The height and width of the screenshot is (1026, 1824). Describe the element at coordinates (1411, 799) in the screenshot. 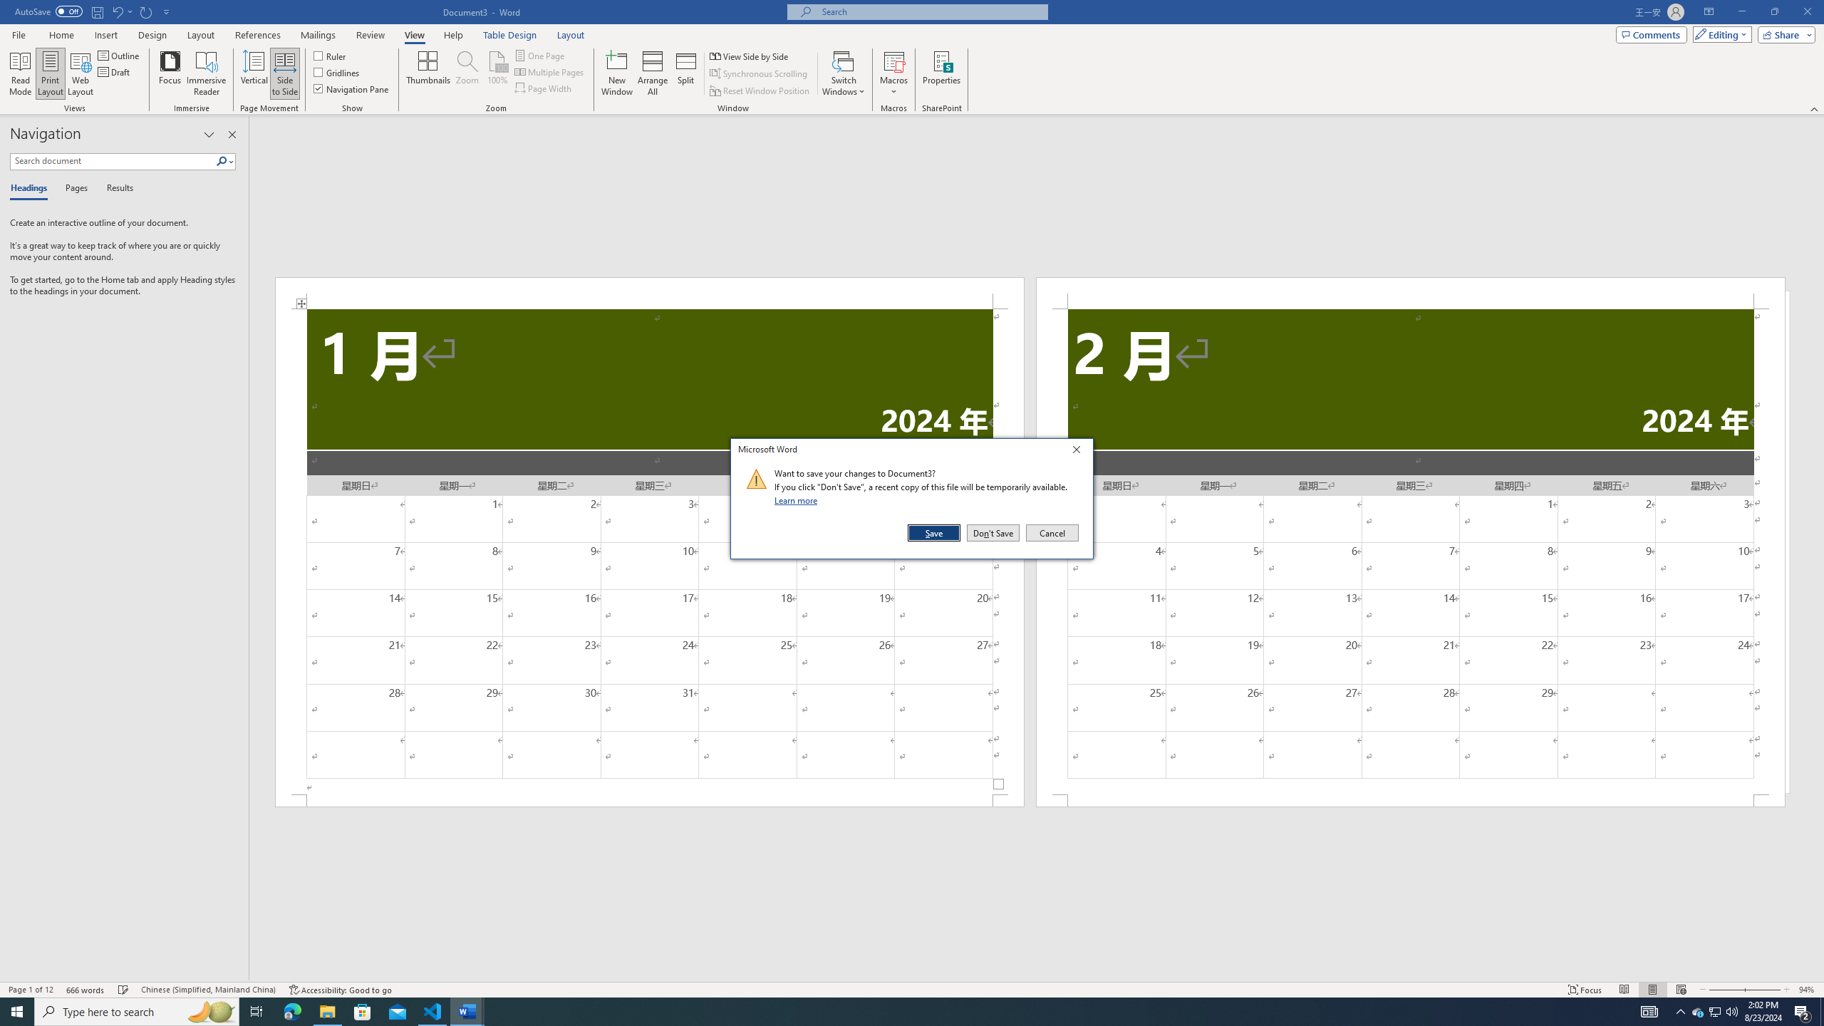

I see `'Footer -Section 2-'` at that location.